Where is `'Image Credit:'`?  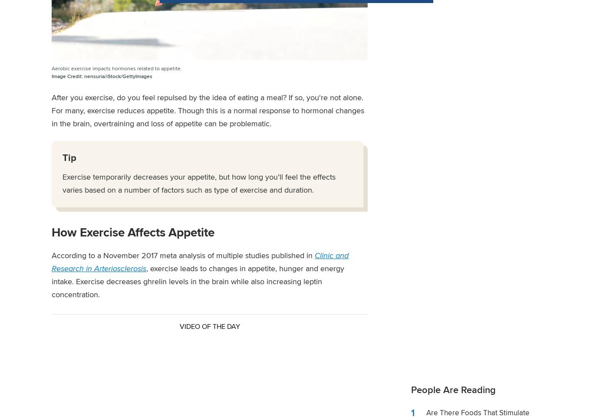
'Image Credit:' is located at coordinates (67, 76).